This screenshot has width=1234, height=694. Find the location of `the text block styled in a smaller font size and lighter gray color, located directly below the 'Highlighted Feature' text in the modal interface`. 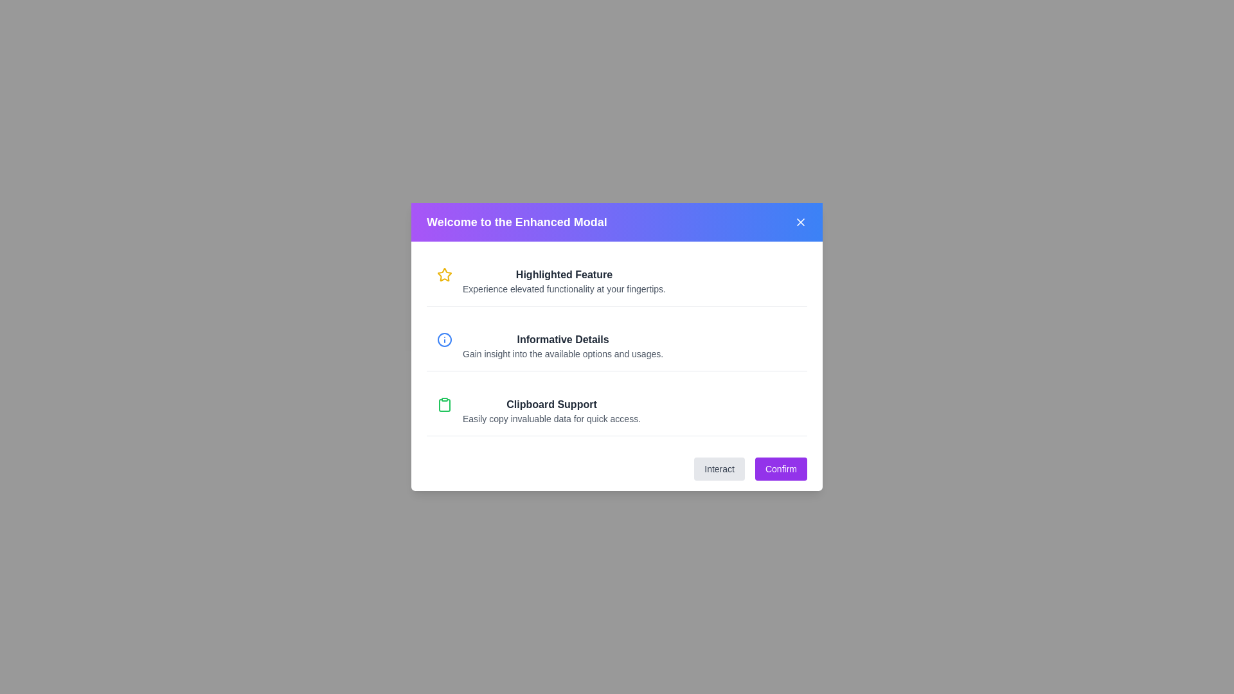

the text block styled in a smaller font size and lighter gray color, located directly below the 'Highlighted Feature' text in the modal interface is located at coordinates (564, 289).